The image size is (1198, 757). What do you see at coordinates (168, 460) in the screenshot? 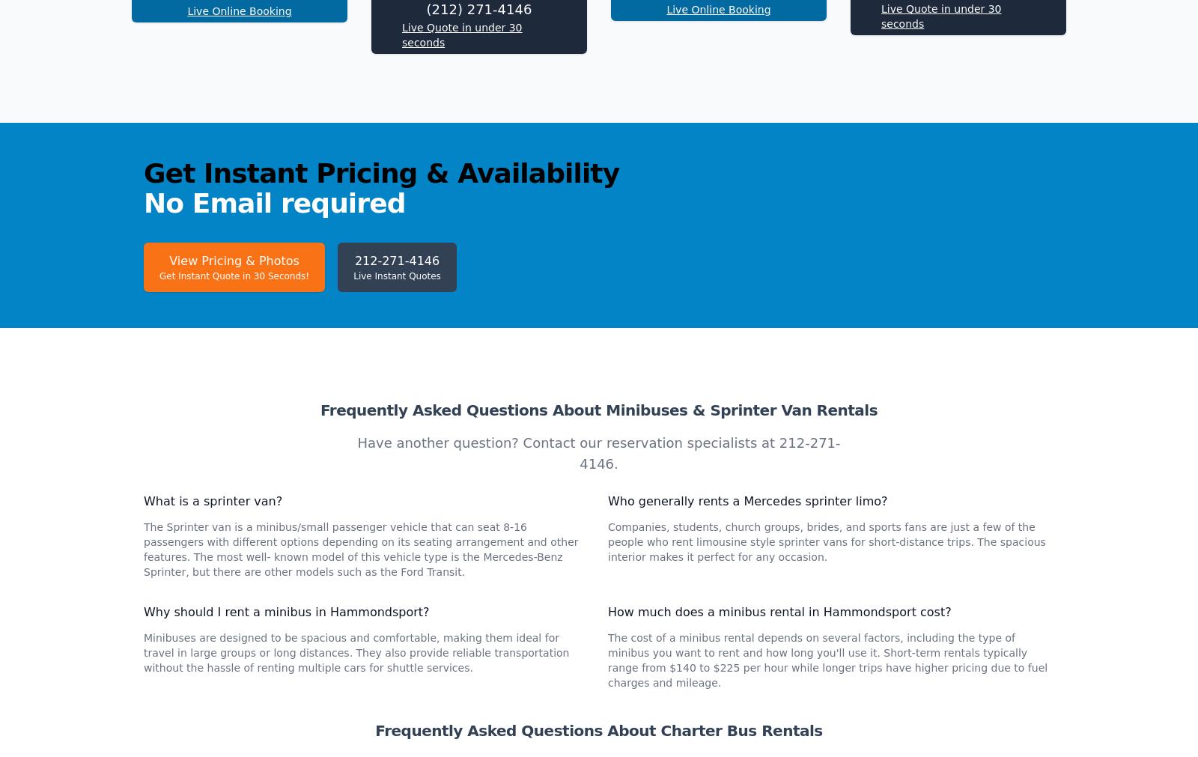
I see `'View Pricing & Photos'` at bounding box center [168, 460].